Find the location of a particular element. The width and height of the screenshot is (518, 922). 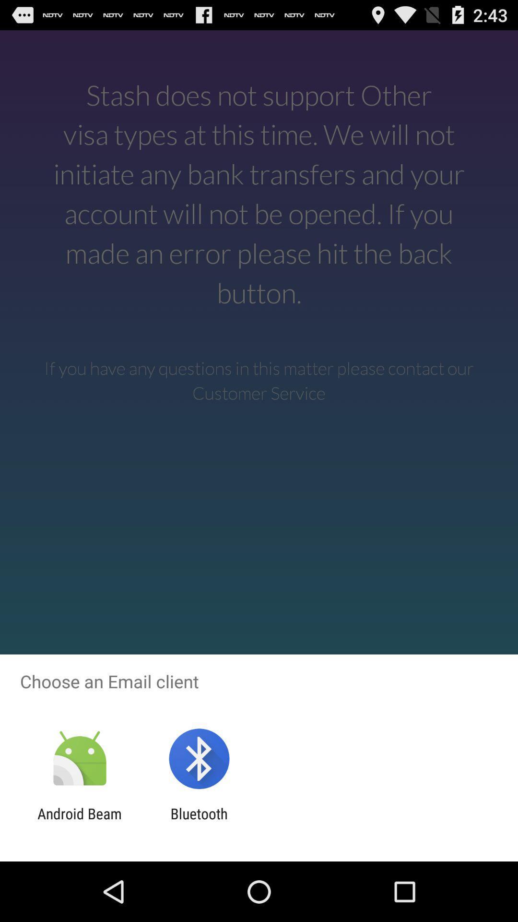

the bluetooth is located at coordinates (199, 822).